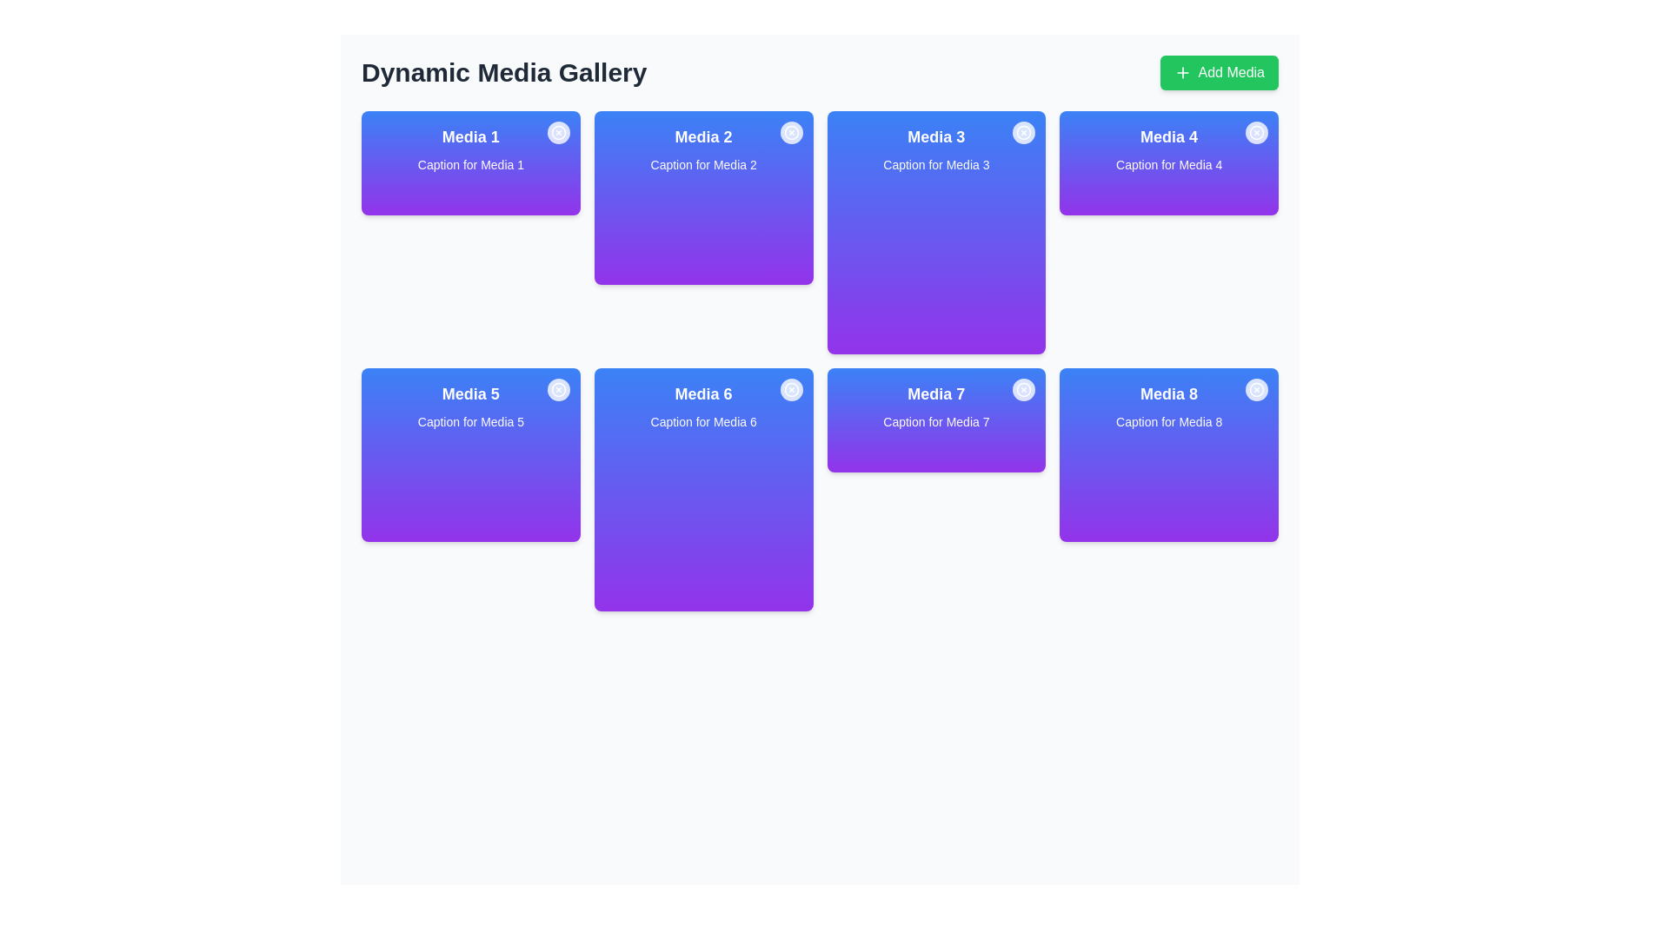 Image resolution: width=1669 pixels, height=938 pixels. Describe the element at coordinates (1024, 388) in the screenshot. I see `the icon-based button resembling a circle with a stylized cross inside it located at the top-right corner of the 'Media 7' card` at that location.